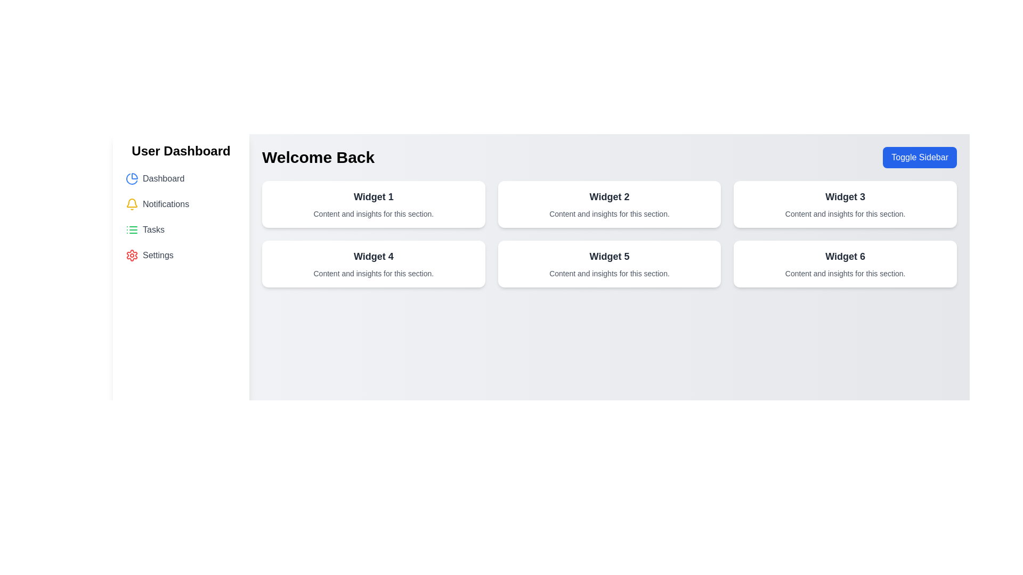 The height and width of the screenshot is (575, 1023). Describe the element at coordinates (318, 158) in the screenshot. I see `the prominent heading text that displays 'Welcome Back' by mentioning the message in interactions` at that location.